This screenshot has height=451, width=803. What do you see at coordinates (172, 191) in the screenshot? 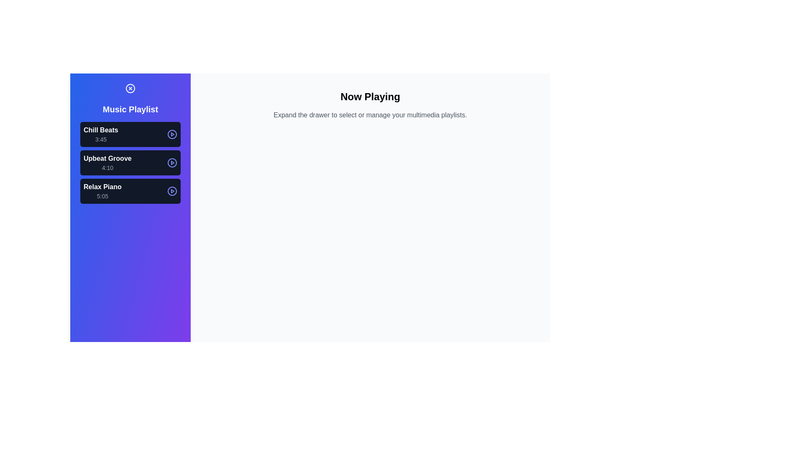
I see `the play/pause button for the track Relax Piano` at bounding box center [172, 191].